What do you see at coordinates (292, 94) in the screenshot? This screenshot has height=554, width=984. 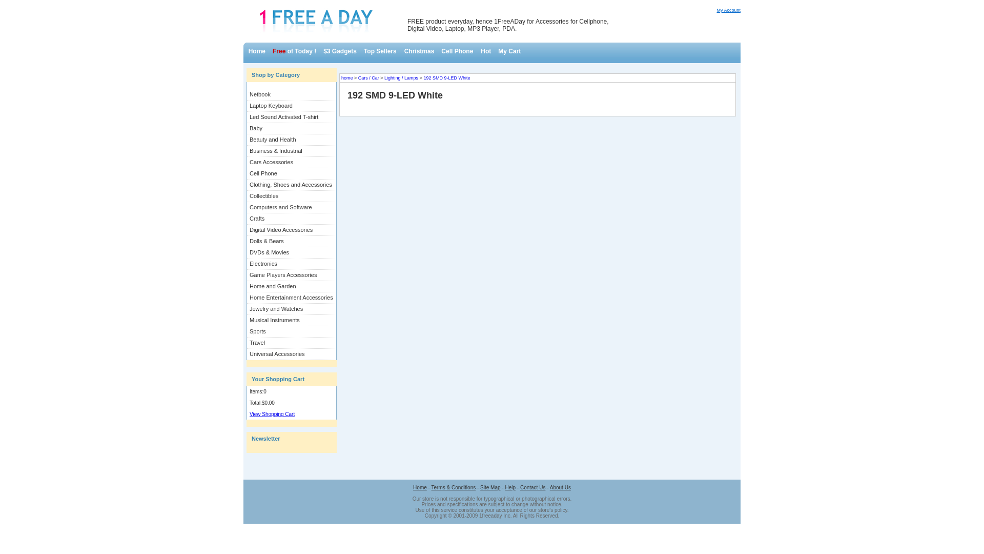 I see `'Netbook'` at bounding box center [292, 94].